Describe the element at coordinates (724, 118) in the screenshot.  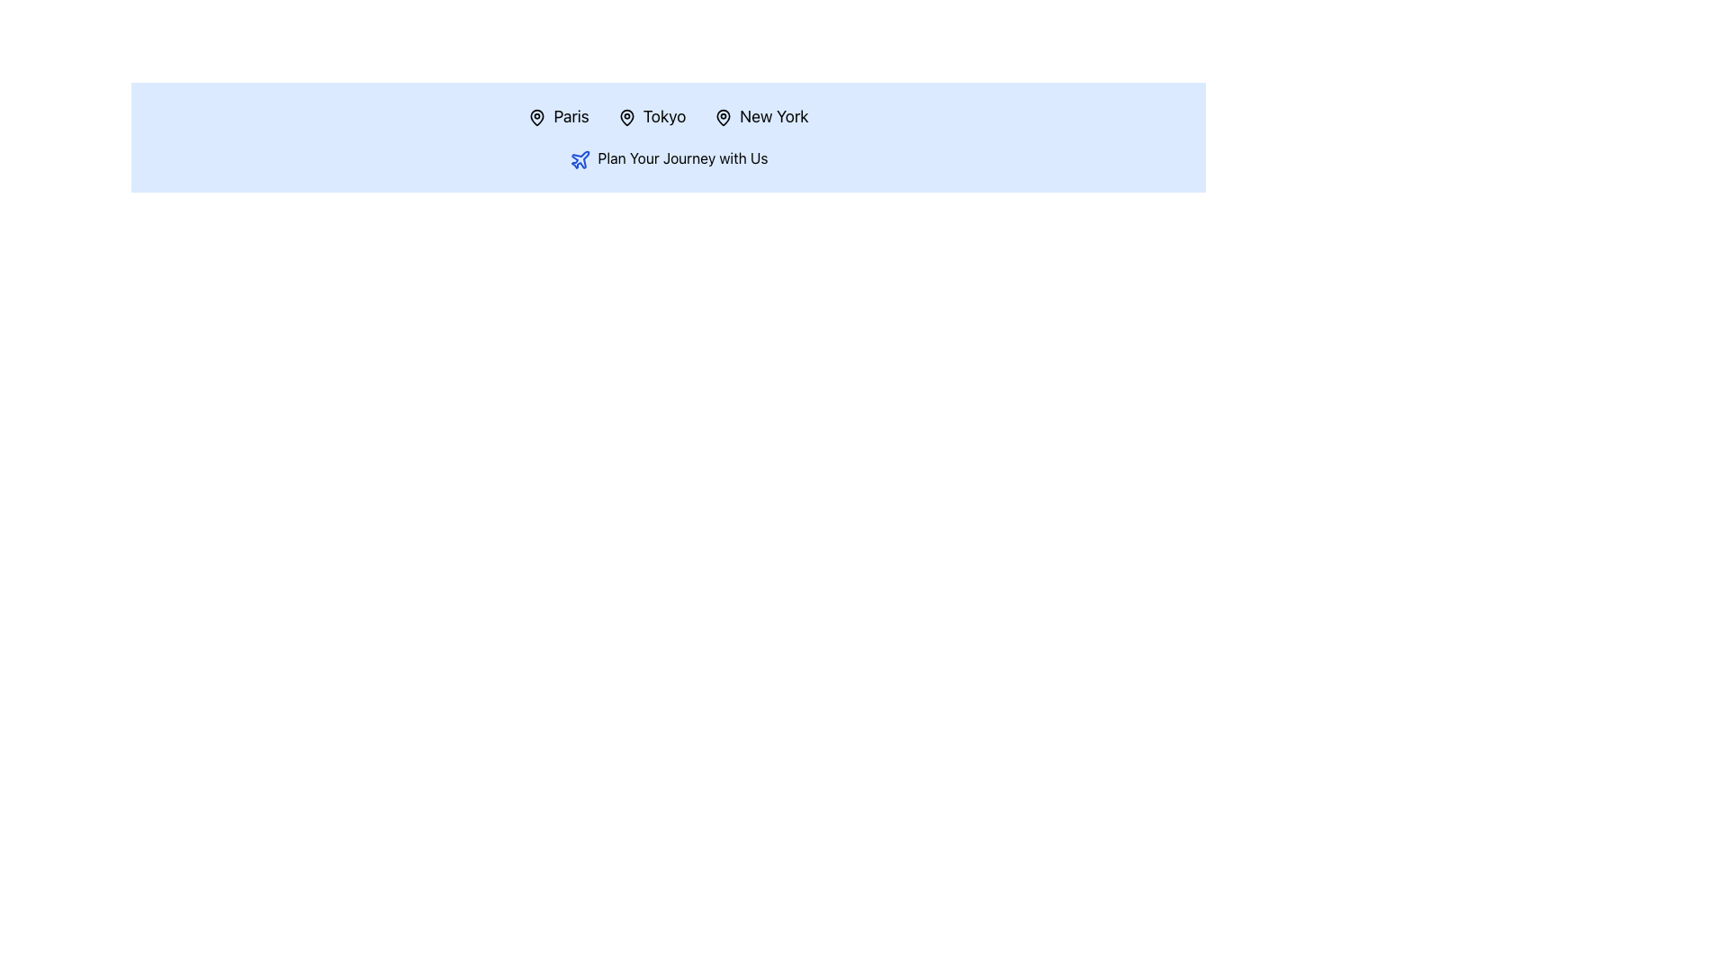
I see `the Map Pin icon that represents the location for 'New York', which is located on the blue background bar near the top-right of the interface` at that location.